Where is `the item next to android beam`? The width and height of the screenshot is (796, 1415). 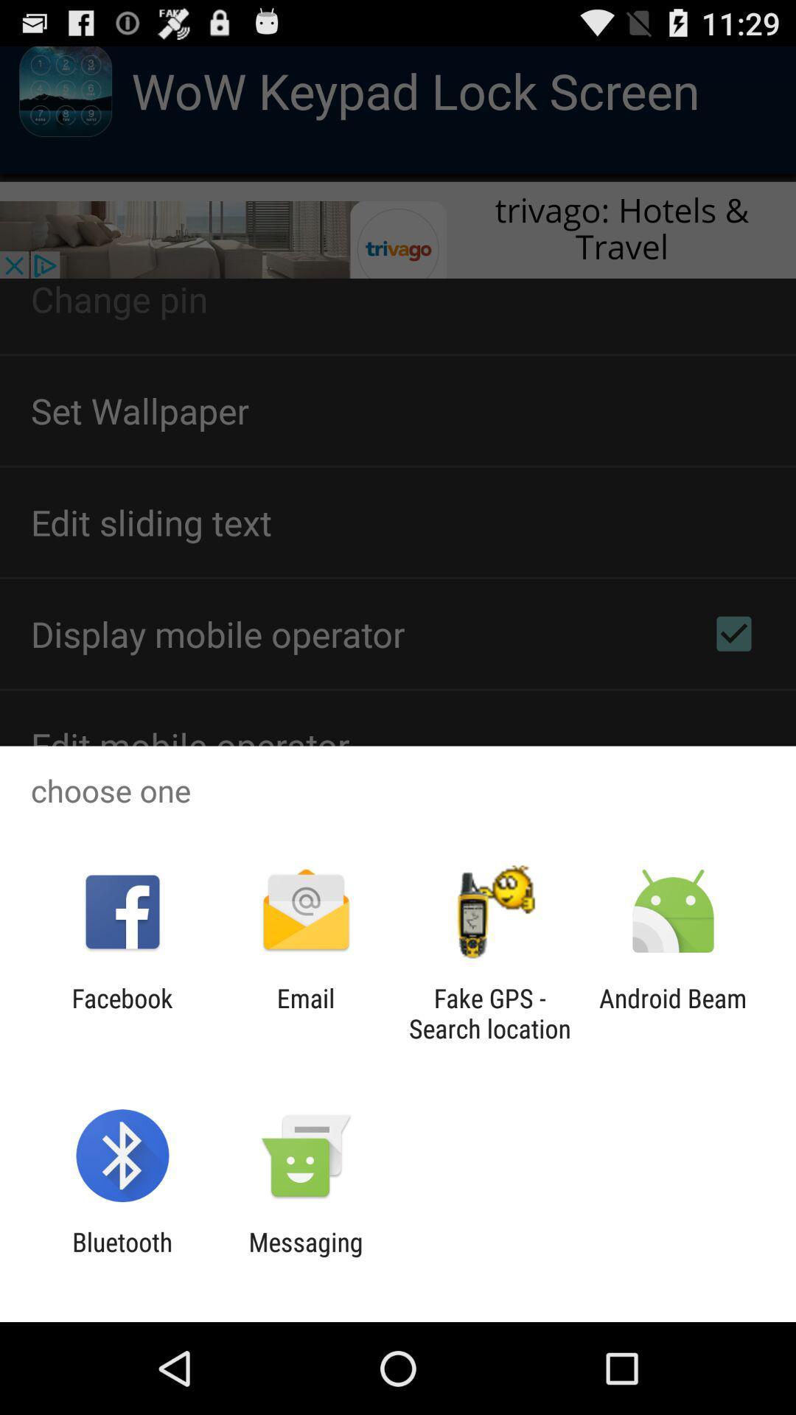 the item next to android beam is located at coordinates (489, 1013).